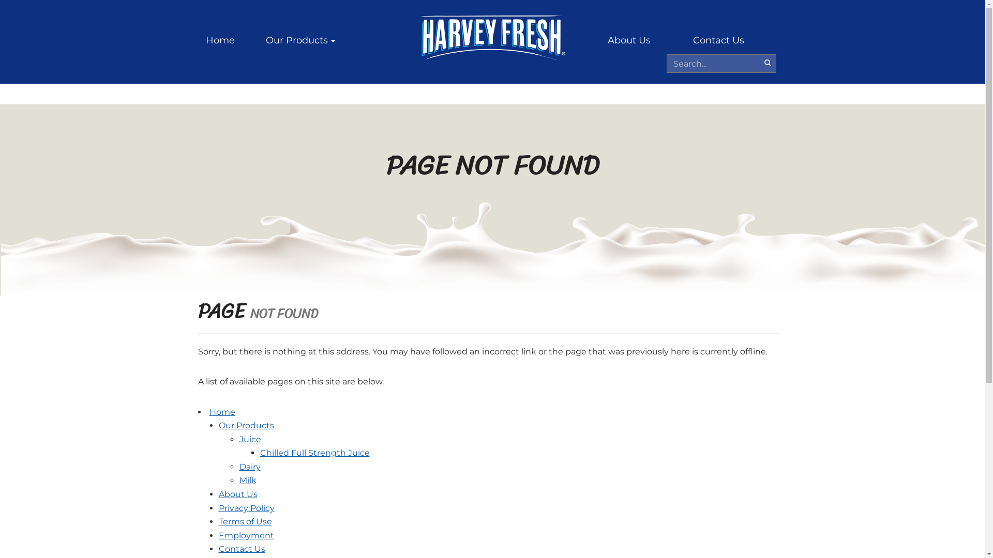 Image resolution: width=993 pixels, height=558 pixels. What do you see at coordinates (237, 493) in the screenshot?
I see `'About Us'` at bounding box center [237, 493].